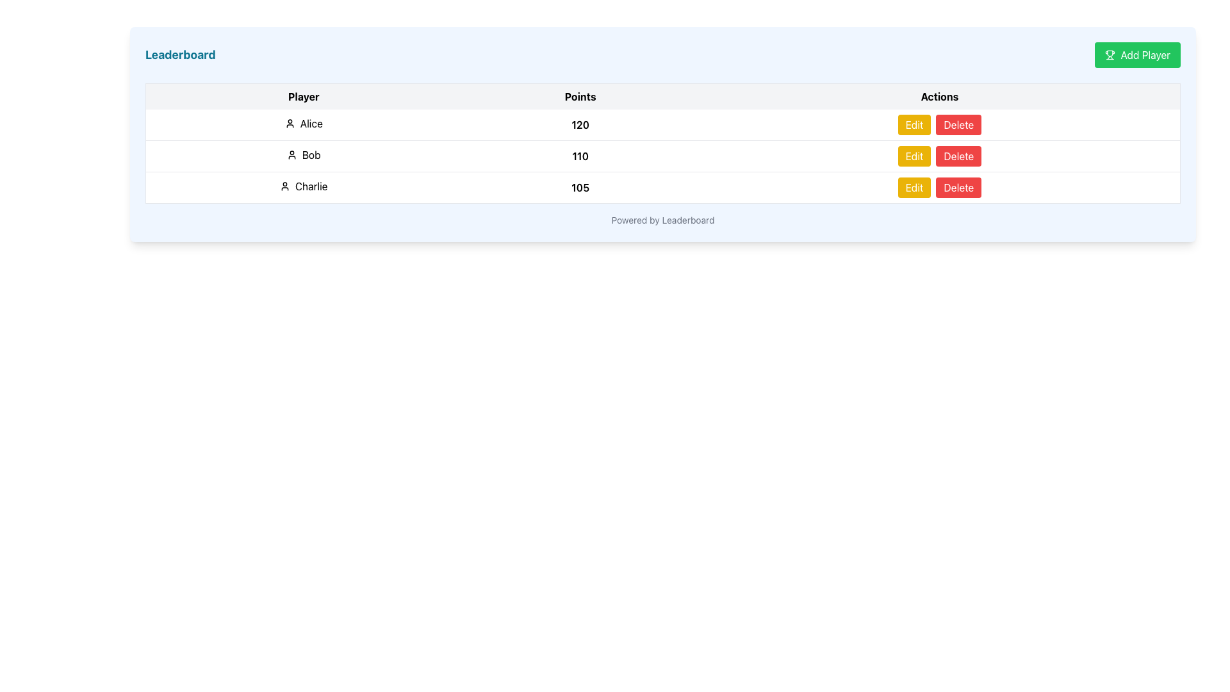 The width and height of the screenshot is (1230, 692). What do you see at coordinates (291, 154) in the screenshot?
I see `the user icon representing a generic avatar, which is a small circle with an abstract human figure outline, located in the cell containing the name 'Bob' in the 'Player' column` at bounding box center [291, 154].